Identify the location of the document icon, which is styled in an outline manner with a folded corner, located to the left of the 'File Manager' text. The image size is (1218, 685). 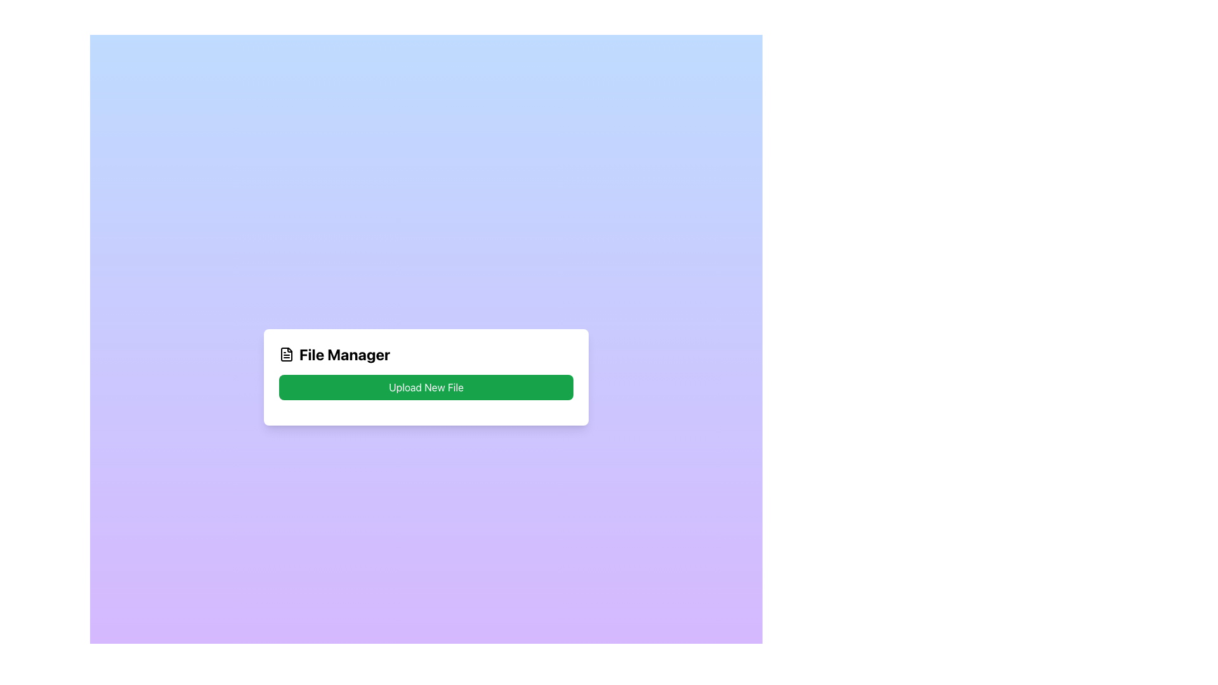
(285, 355).